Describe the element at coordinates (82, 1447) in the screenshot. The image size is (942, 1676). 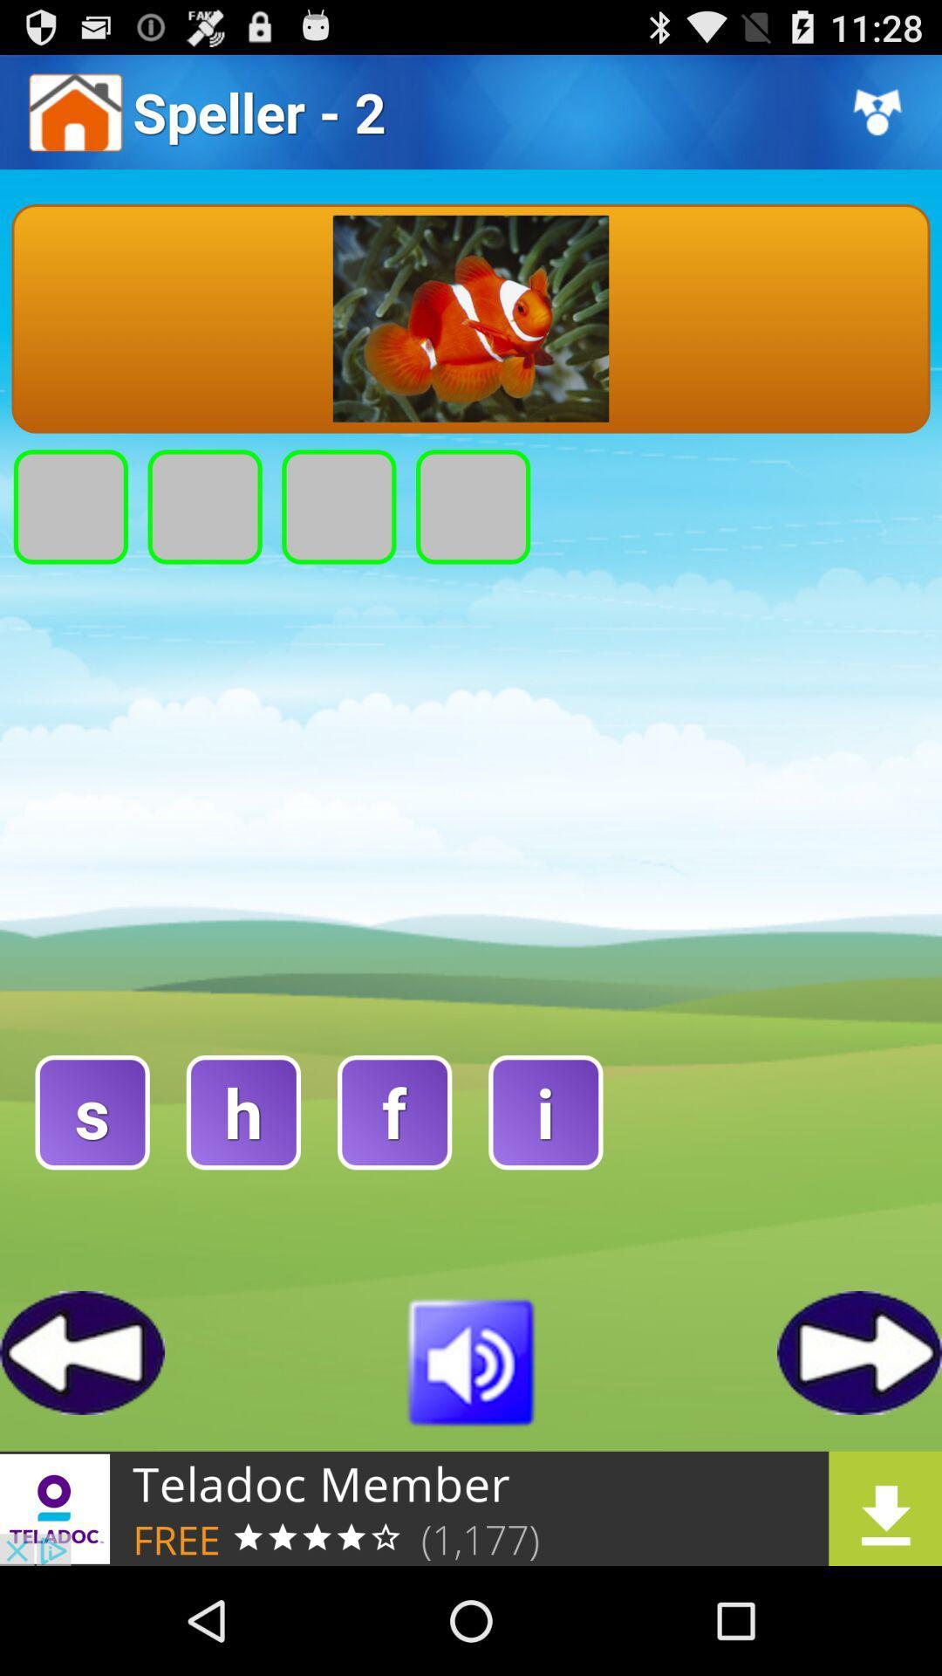
I see `the arrow_backward icon` at that location.